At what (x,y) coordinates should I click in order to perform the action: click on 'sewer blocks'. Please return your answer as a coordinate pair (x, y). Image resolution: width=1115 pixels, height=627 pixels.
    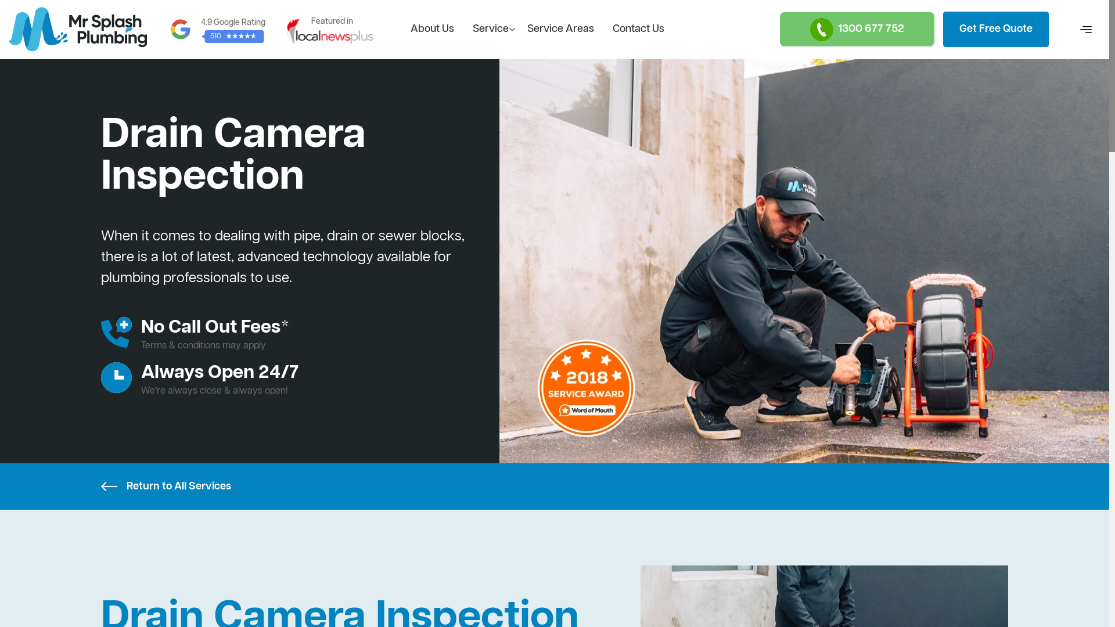
    Looking at the image, I should click on (419, 236).